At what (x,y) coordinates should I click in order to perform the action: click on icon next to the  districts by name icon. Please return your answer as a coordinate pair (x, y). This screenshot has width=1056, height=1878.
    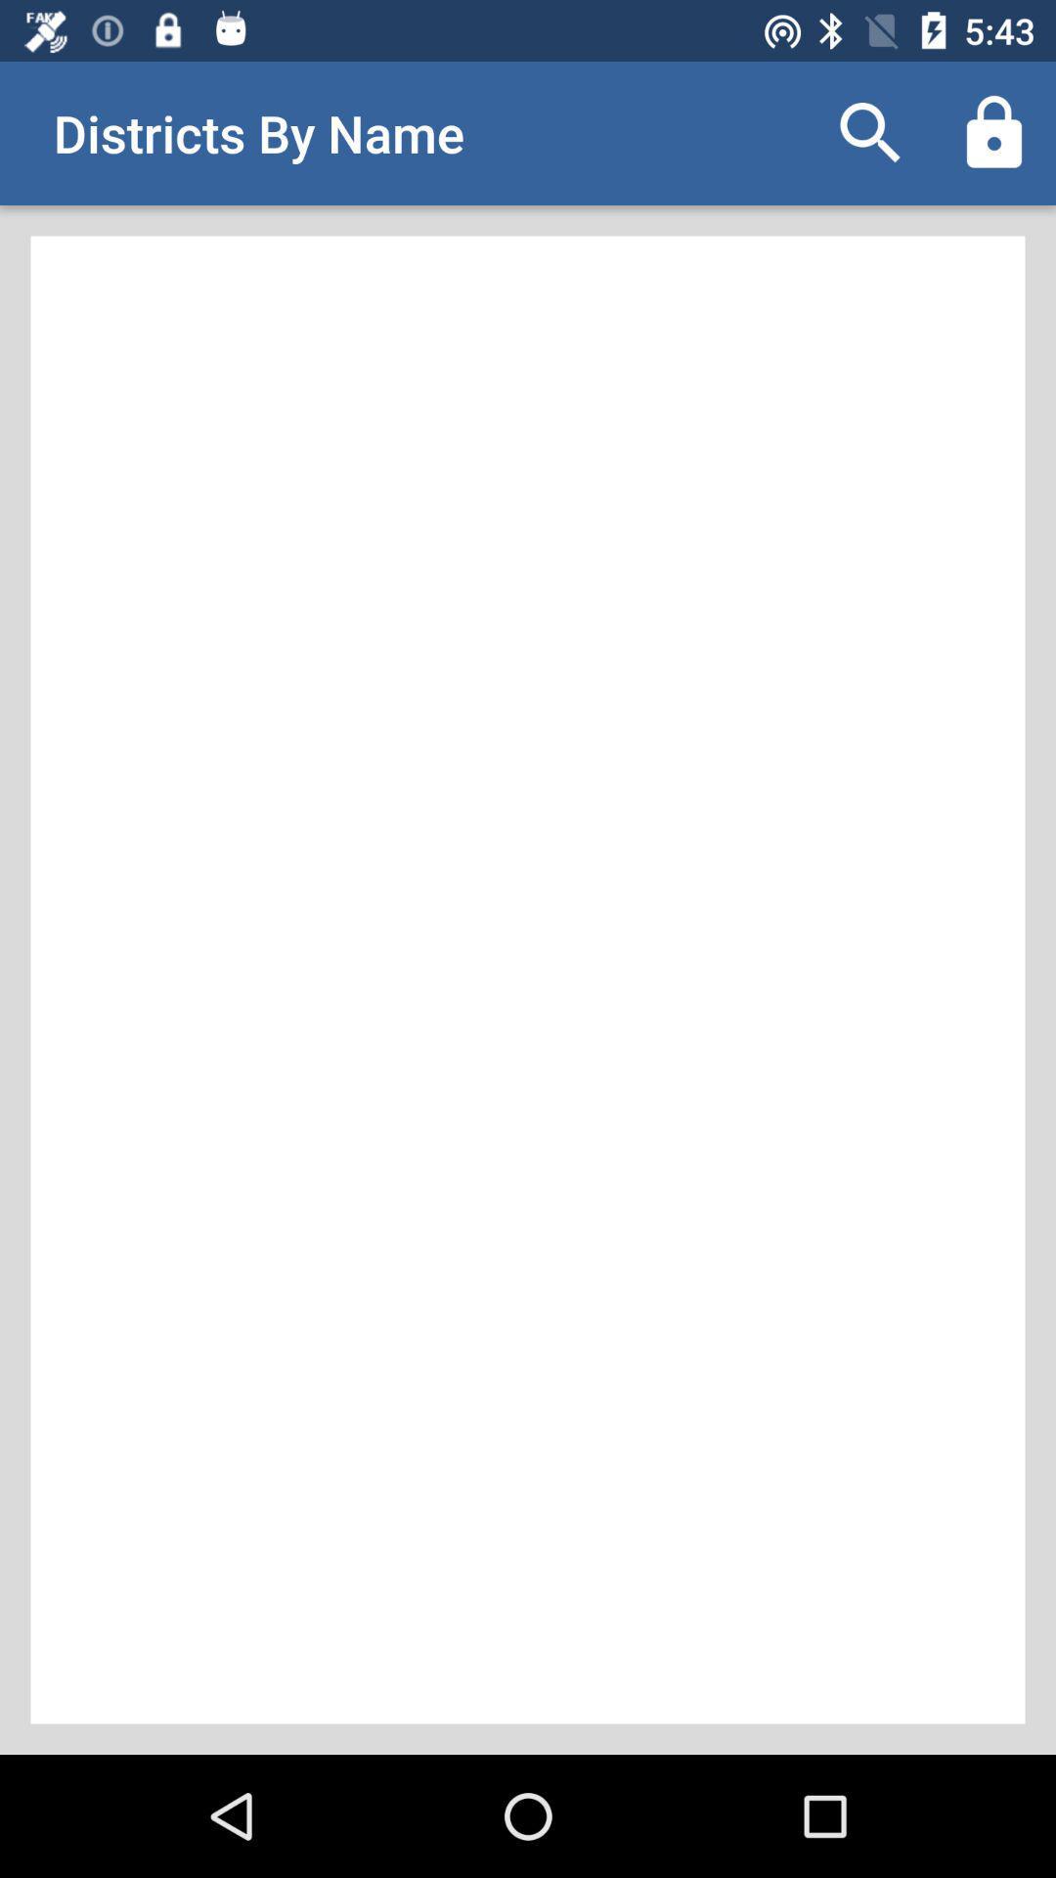
    Looking at the image, I should click on (870, 132).